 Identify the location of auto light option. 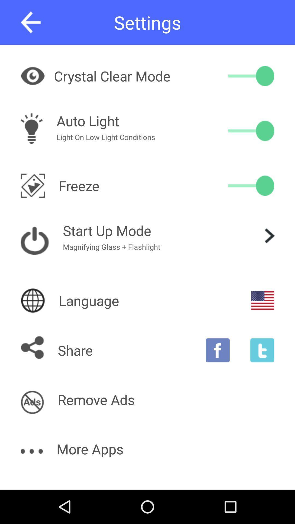
(251, 130).